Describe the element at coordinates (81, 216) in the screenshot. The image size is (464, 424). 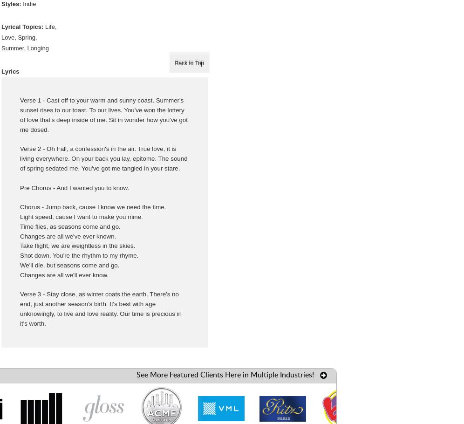
I see `'Light speed, cause I want to make you mine.'` at that location.